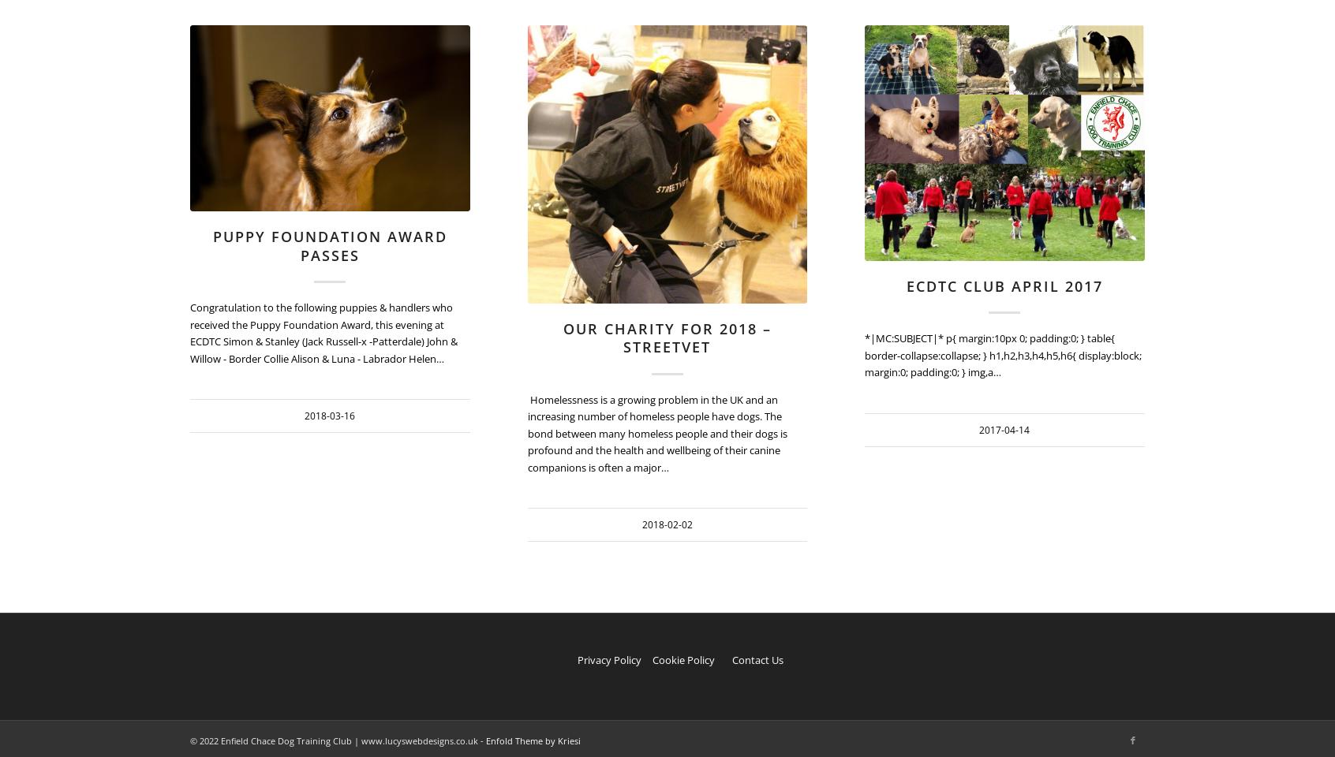  What do you see at coordinates (1211, 66) in the screenshot?
I see `'909'` at bounding box center [1211, 66].